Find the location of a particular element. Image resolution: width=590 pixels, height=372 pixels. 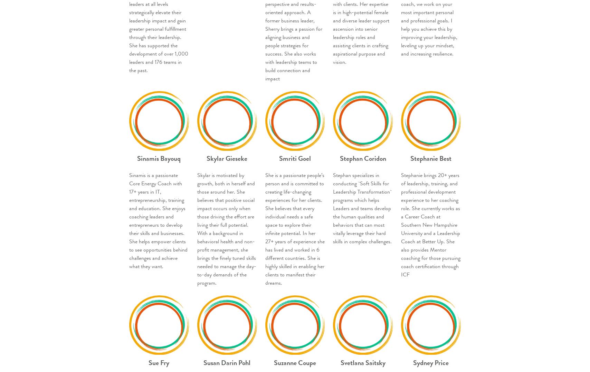

'Sue Fry' is located at coordinates (159, 362).